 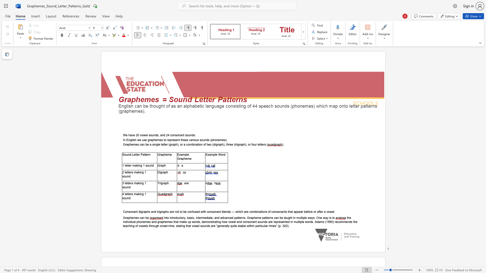 What do you see at coordinates (139, 154) in the screenshot?
I see `the subset text "r Patt" within the text "Sound-Letter Pattern"` at bounding box center [139, 154].